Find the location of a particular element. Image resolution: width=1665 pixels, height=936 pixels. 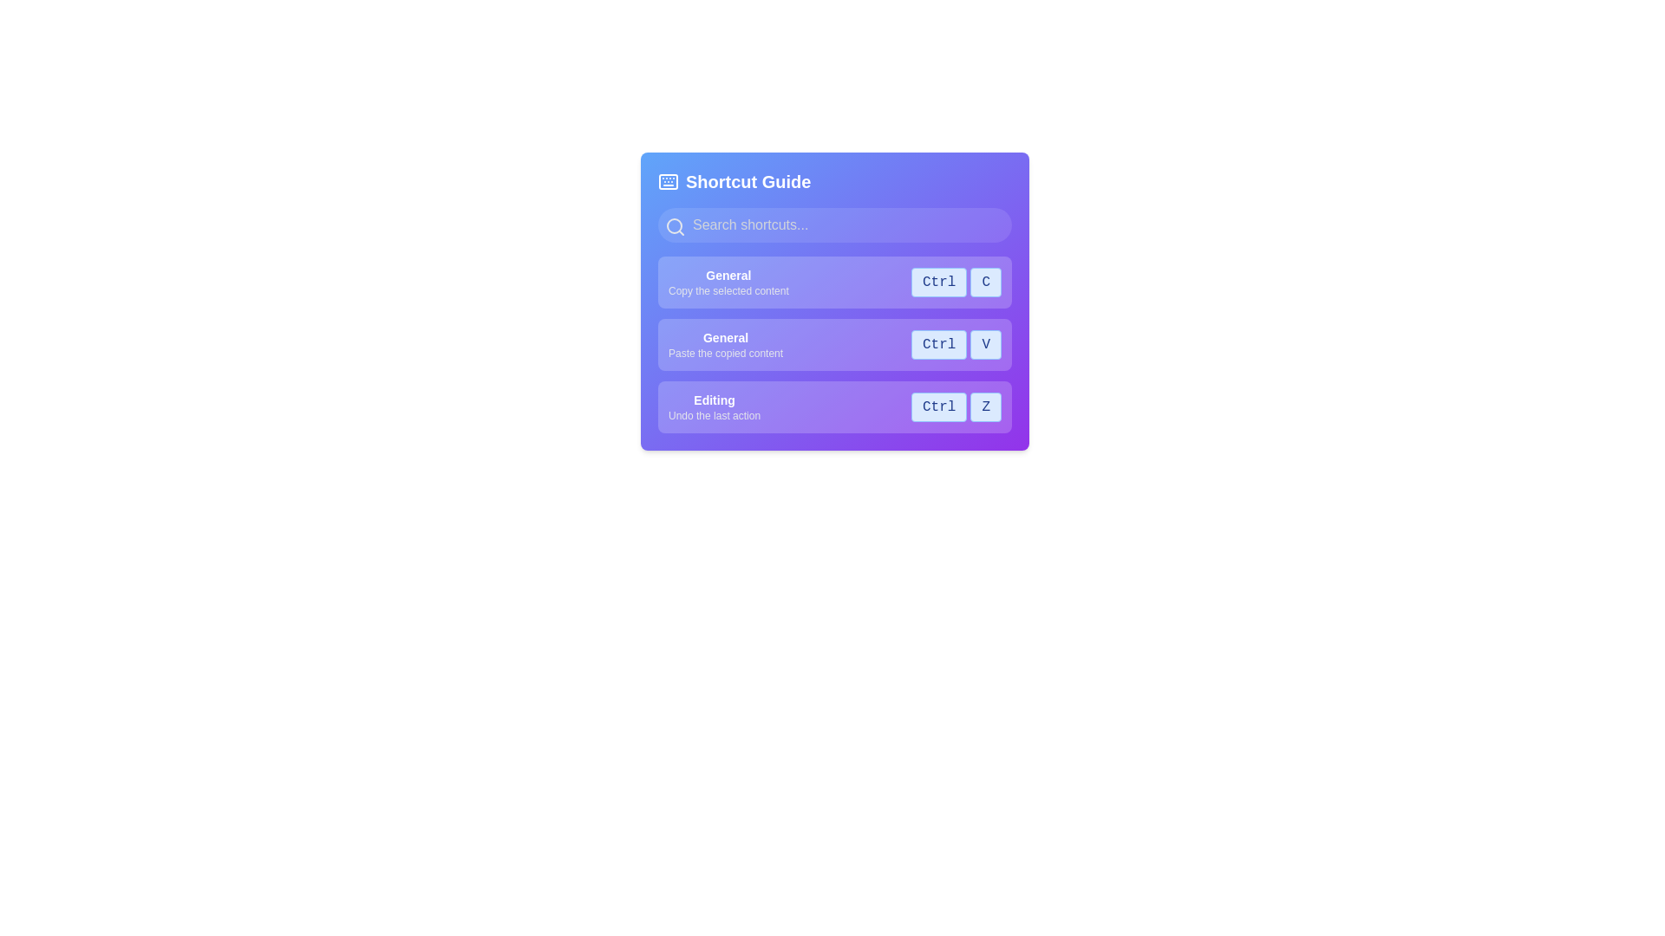

keyboard shortcut description for 'Paste' using the 'Ctrl+V' shortcut, located in the second item of the 'Shortcut Guide' modal is located at coordinates (835, 344).